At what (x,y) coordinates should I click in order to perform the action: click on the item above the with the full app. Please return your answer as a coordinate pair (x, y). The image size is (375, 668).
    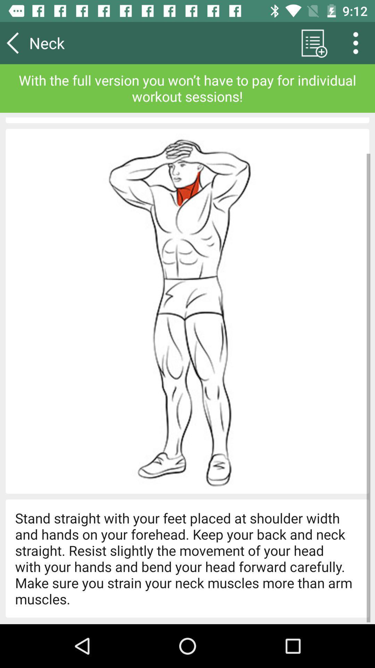
    Looking at the image, I should click on (358, 42).